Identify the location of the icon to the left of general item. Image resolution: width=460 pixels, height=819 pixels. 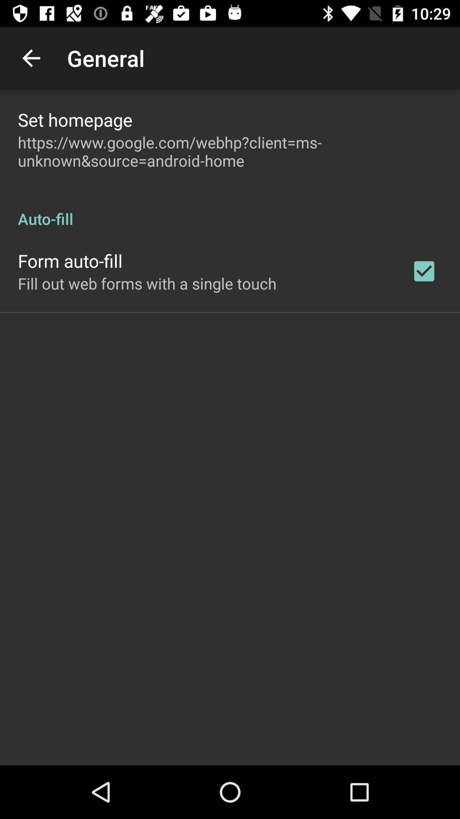
(31, 58).